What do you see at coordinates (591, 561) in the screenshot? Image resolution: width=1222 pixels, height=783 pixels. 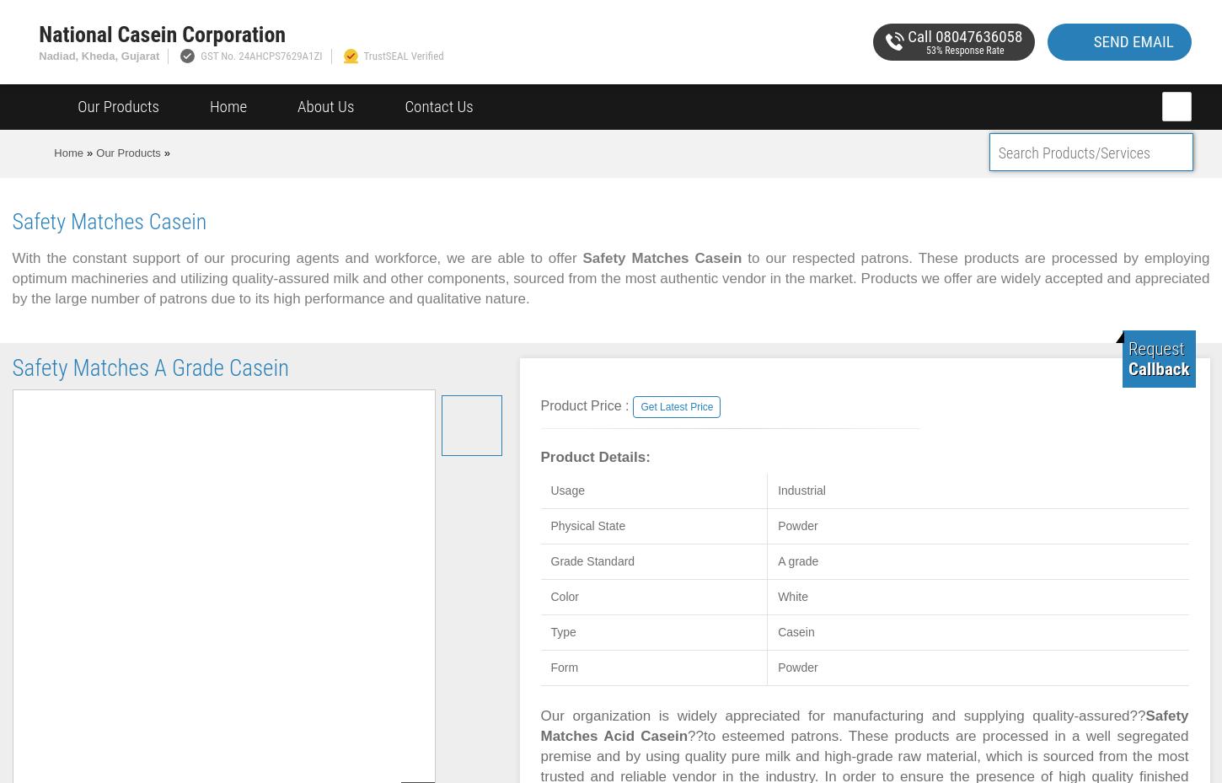 I see `'Grade Standard'` at bounding box center [591, 561].